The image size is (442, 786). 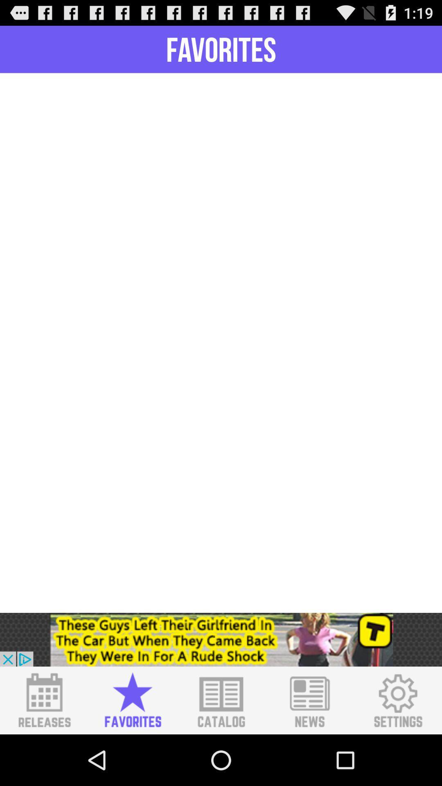 I want to click on your favorites, so click(x=132, y=700).